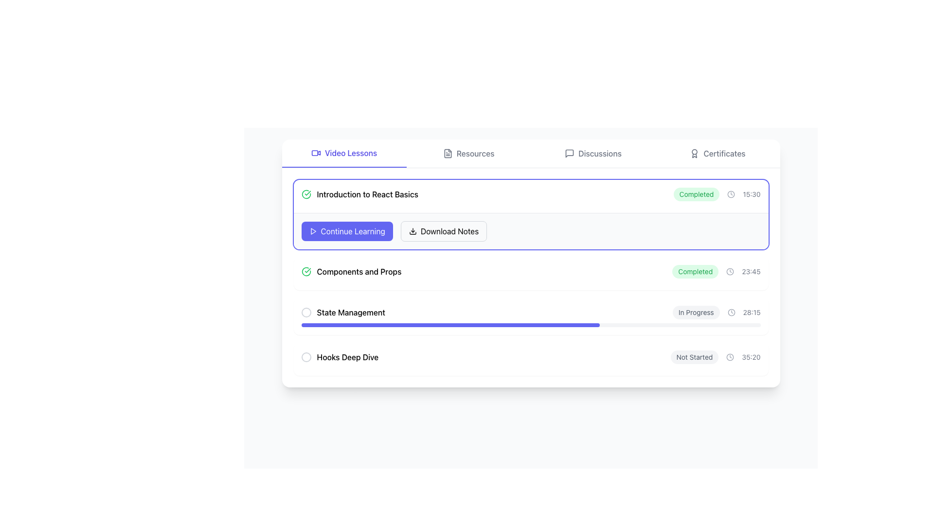 Image resolution: width=934 pixels, height=525 pixels. What do you see at coordinates (475, 153) in the screenshot?
I see `the second navigation link located between 'Video Lessons' and 'Discussions' at the top of the interface` at bounding box center [475, 153].